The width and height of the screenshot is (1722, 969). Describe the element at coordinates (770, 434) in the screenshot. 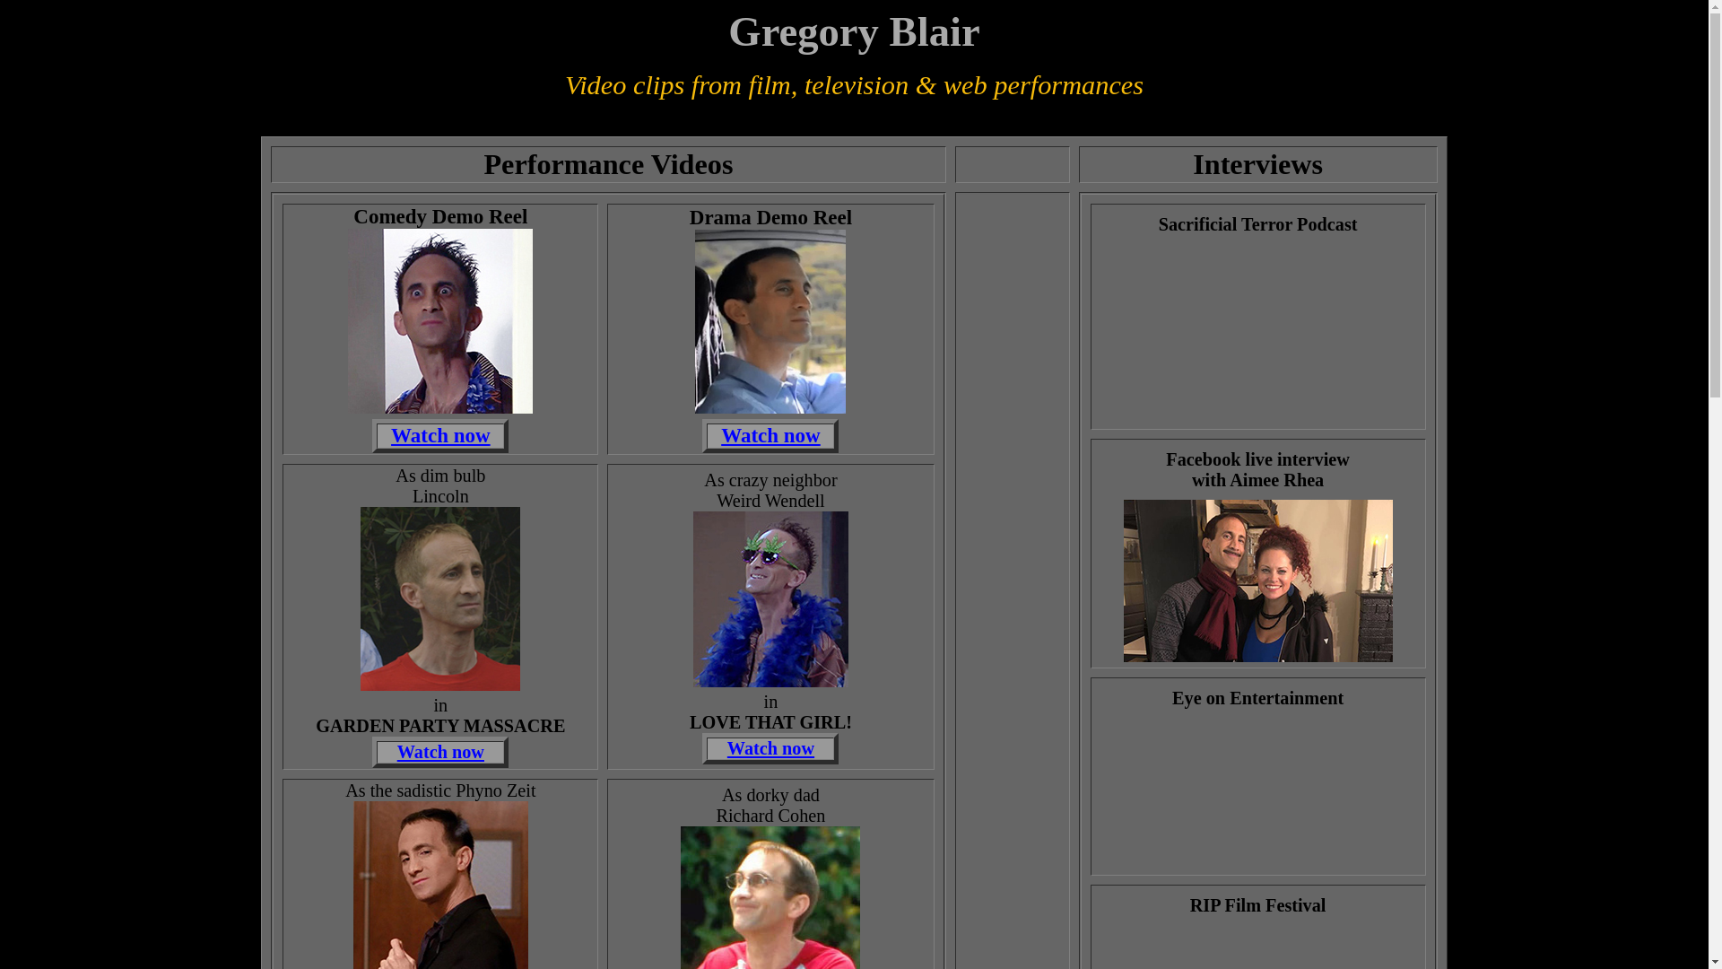

I see `'Watch now'` at that location.